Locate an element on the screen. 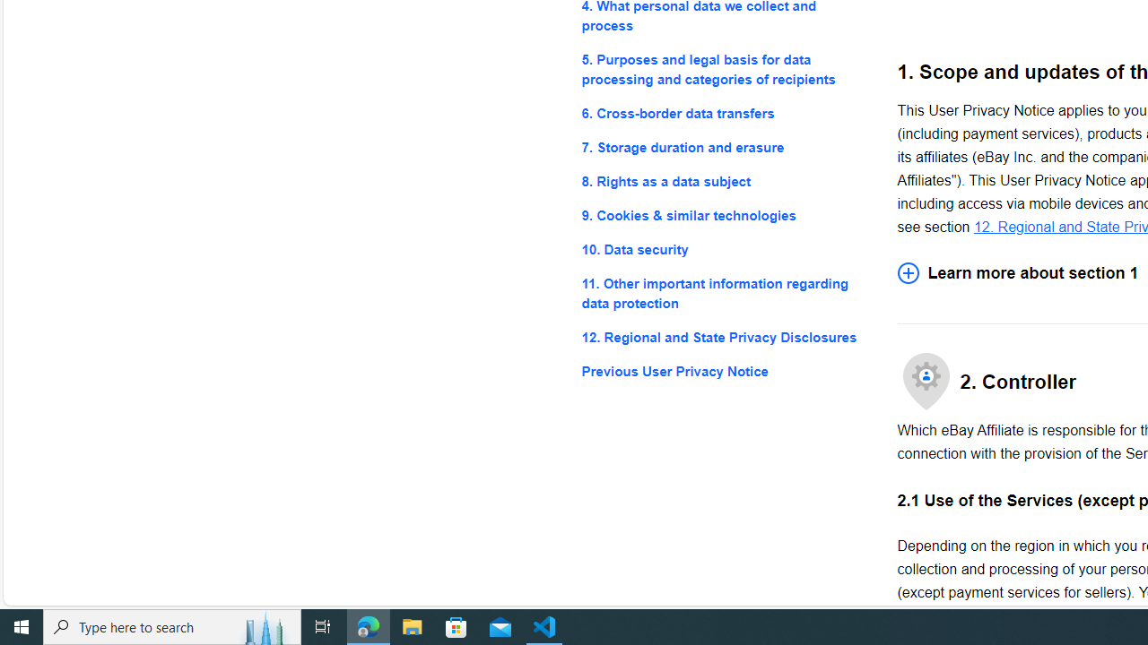  '12. Regional and State Privacy Disclosures' is located at coordinates (725, 338).